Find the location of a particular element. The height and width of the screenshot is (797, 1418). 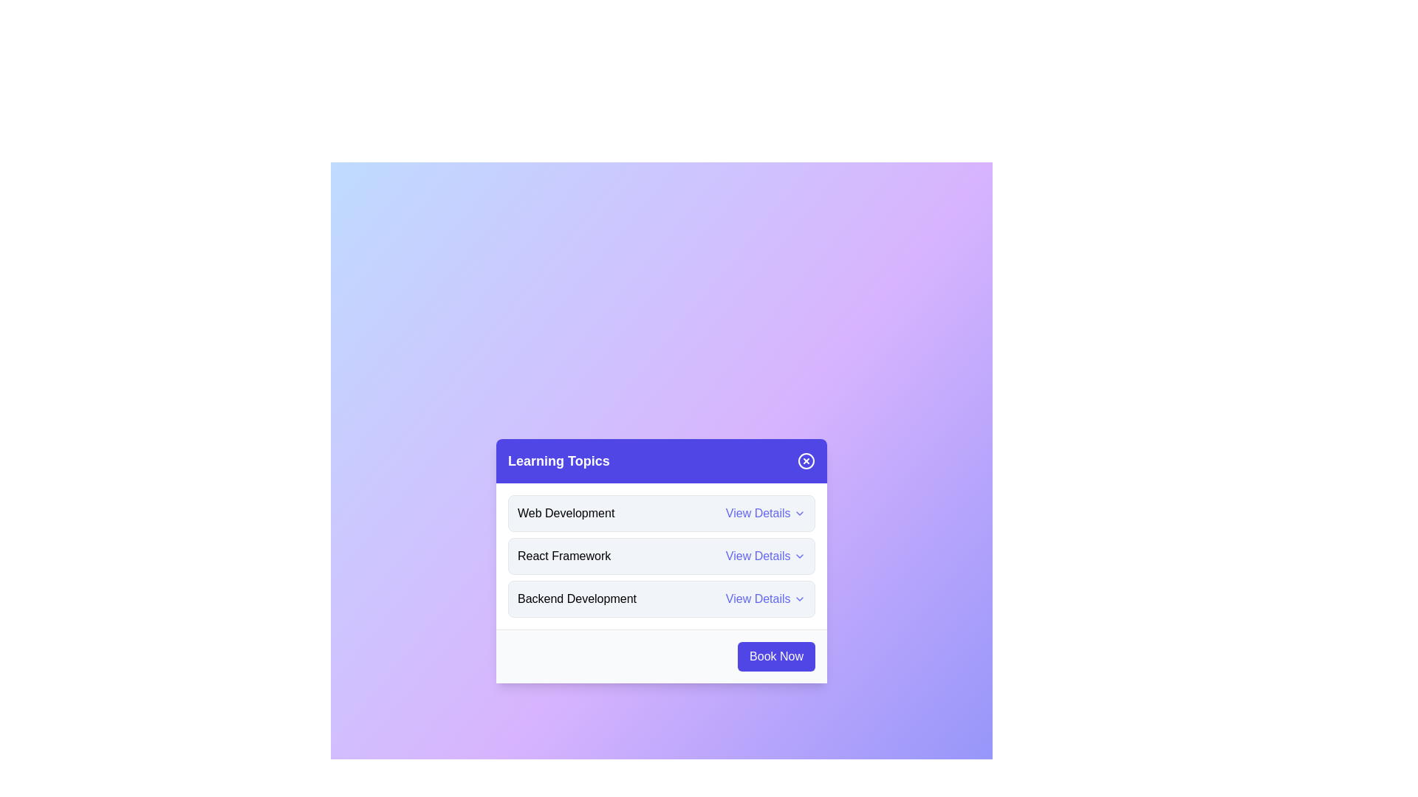

the 'X' button in the top-right corner of the dialog to close it is located at coordinates (805, 460).